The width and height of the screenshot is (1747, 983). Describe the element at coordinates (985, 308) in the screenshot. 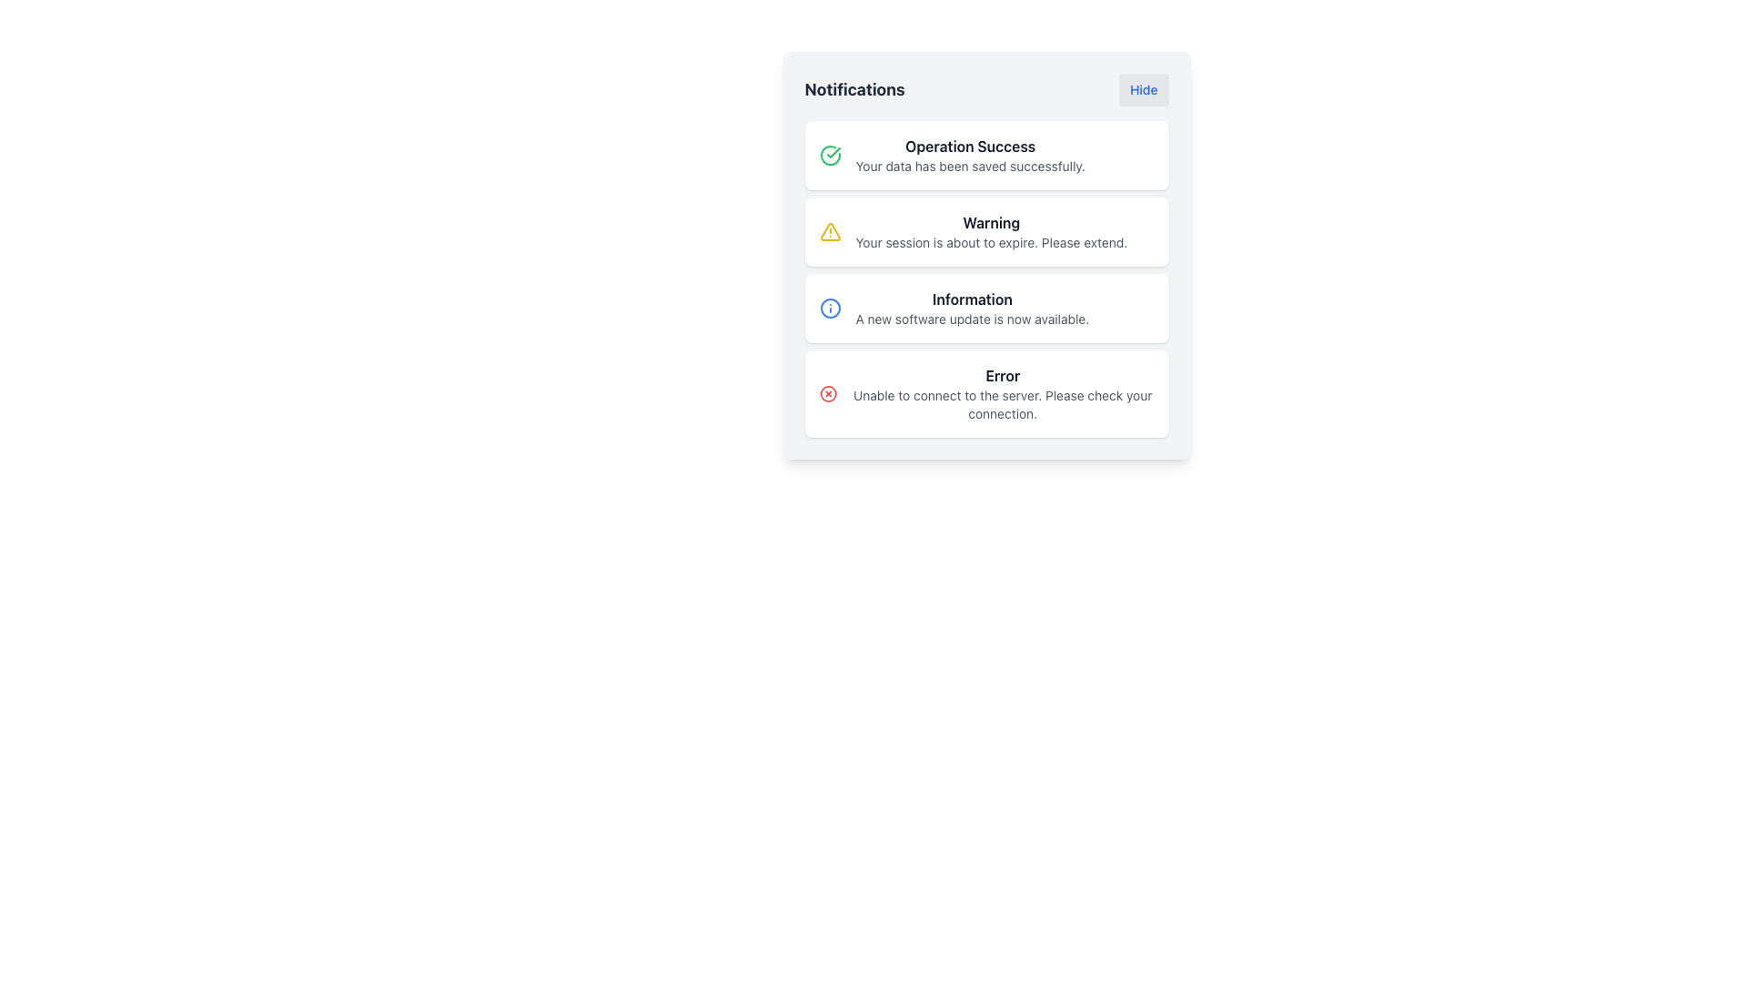

I see `the Notification card that informs the user about a new software update, positioned between the 'Warning' and 'Error' cards in the stack` at that location.